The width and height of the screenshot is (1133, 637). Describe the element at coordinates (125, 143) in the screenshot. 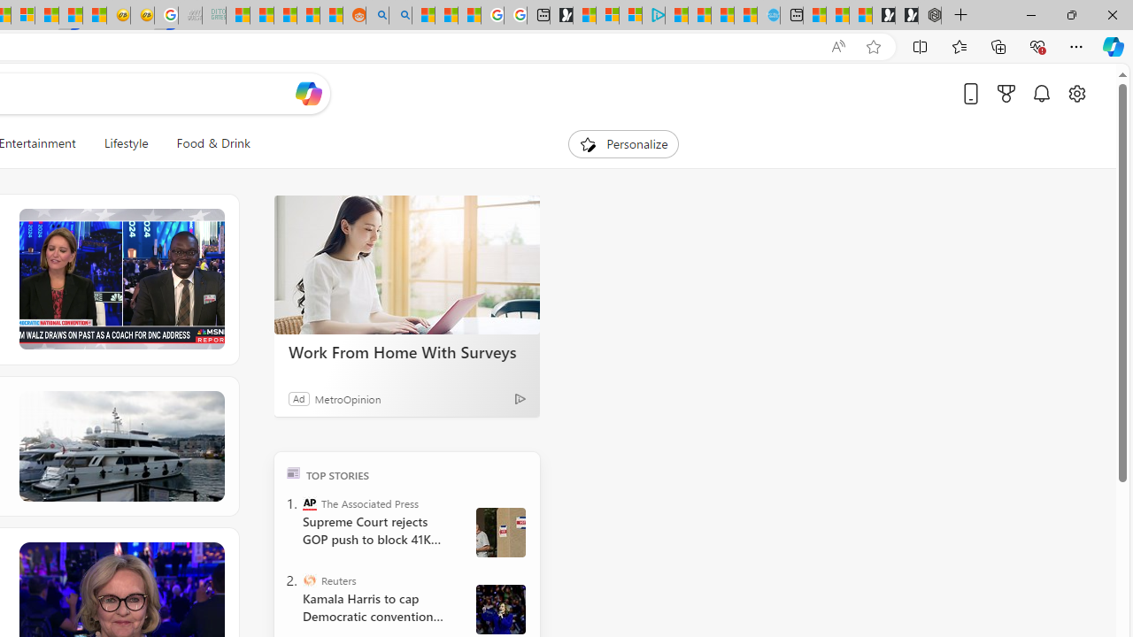

I see `'Lifestyle'` at that location.